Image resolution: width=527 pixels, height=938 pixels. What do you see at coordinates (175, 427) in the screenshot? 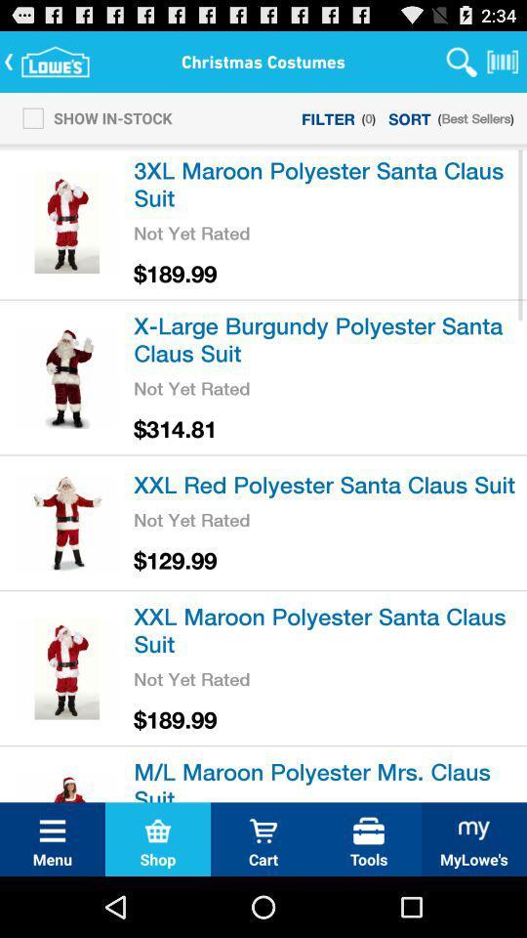
I see `the icon above the xxl red polyester item` at bounding box center [175, 427].